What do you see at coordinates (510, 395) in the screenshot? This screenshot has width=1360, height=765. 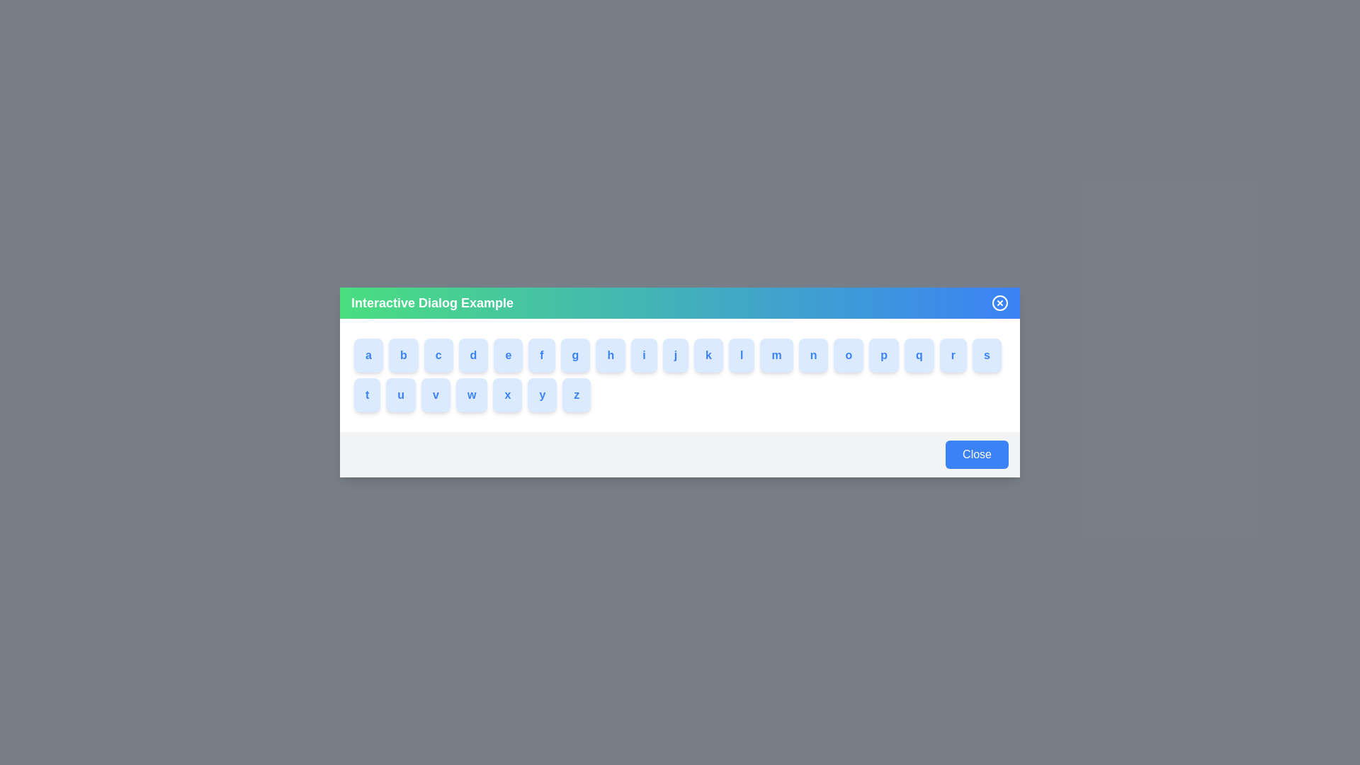 I see `the button labeled with x` at bounding box center [510, 395].